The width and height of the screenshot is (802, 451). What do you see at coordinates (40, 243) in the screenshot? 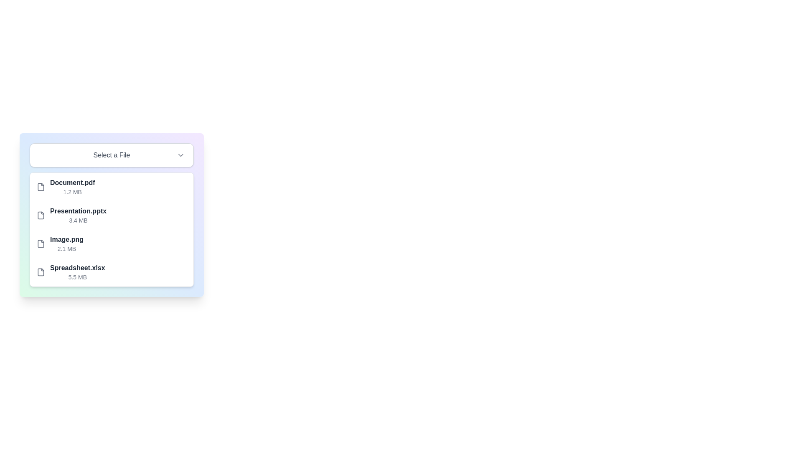
I see `the second file icon representing 'Image.png', which is styled with a rectangular outline and a folded top-right corner, located in a vertical list of files` at bounding box center [40, 243].